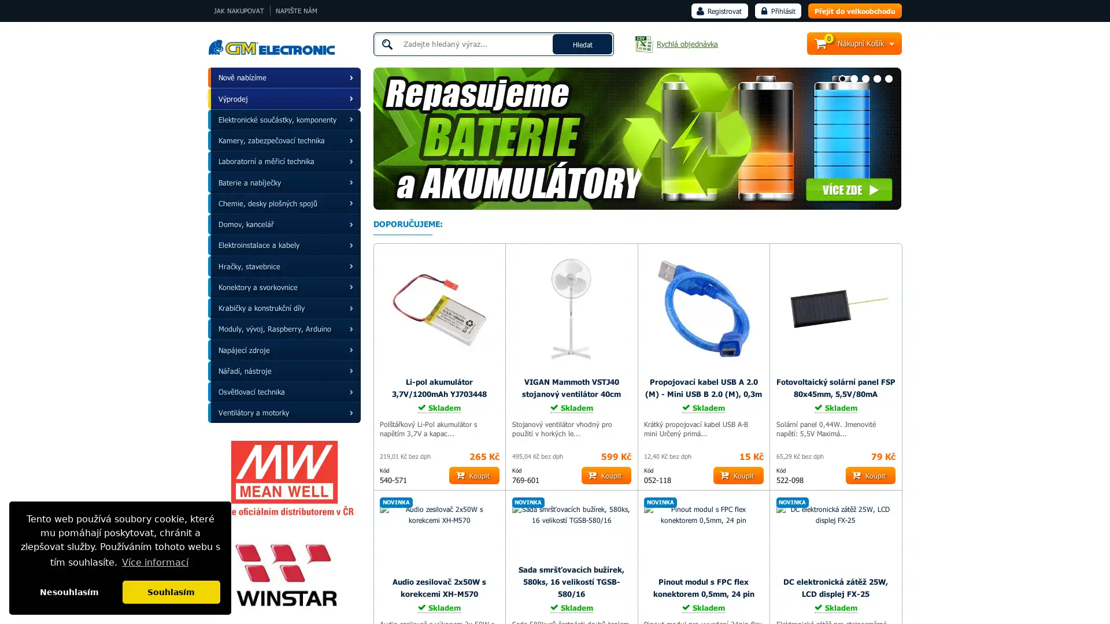  I want to click on learn more about cookies, so click(154, 562).